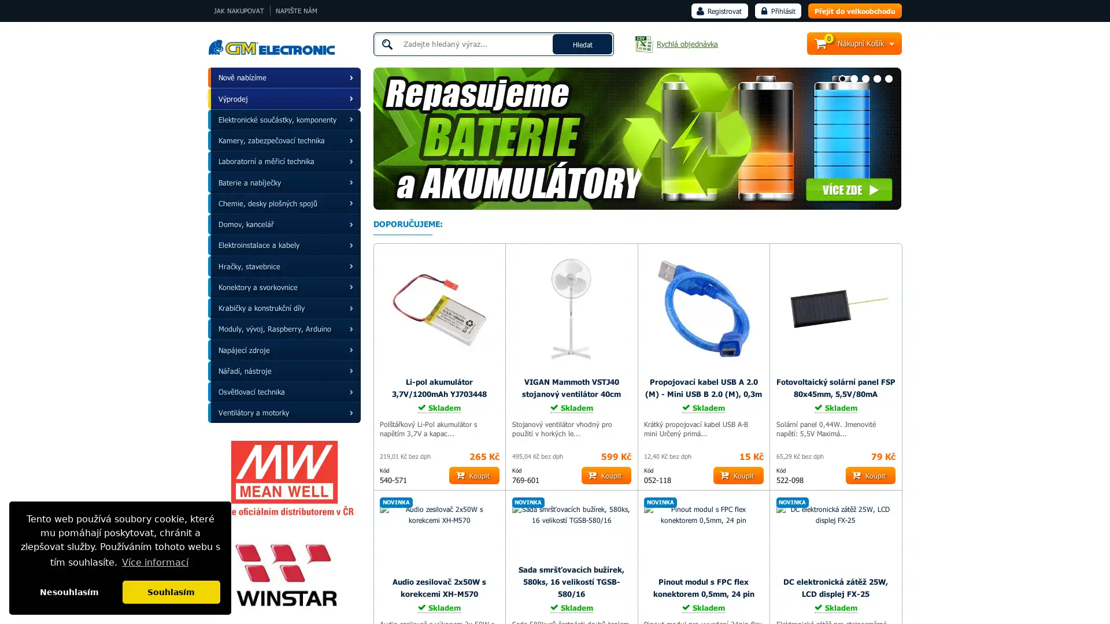  I want to click on learn more about cookies, so click(154, 562).